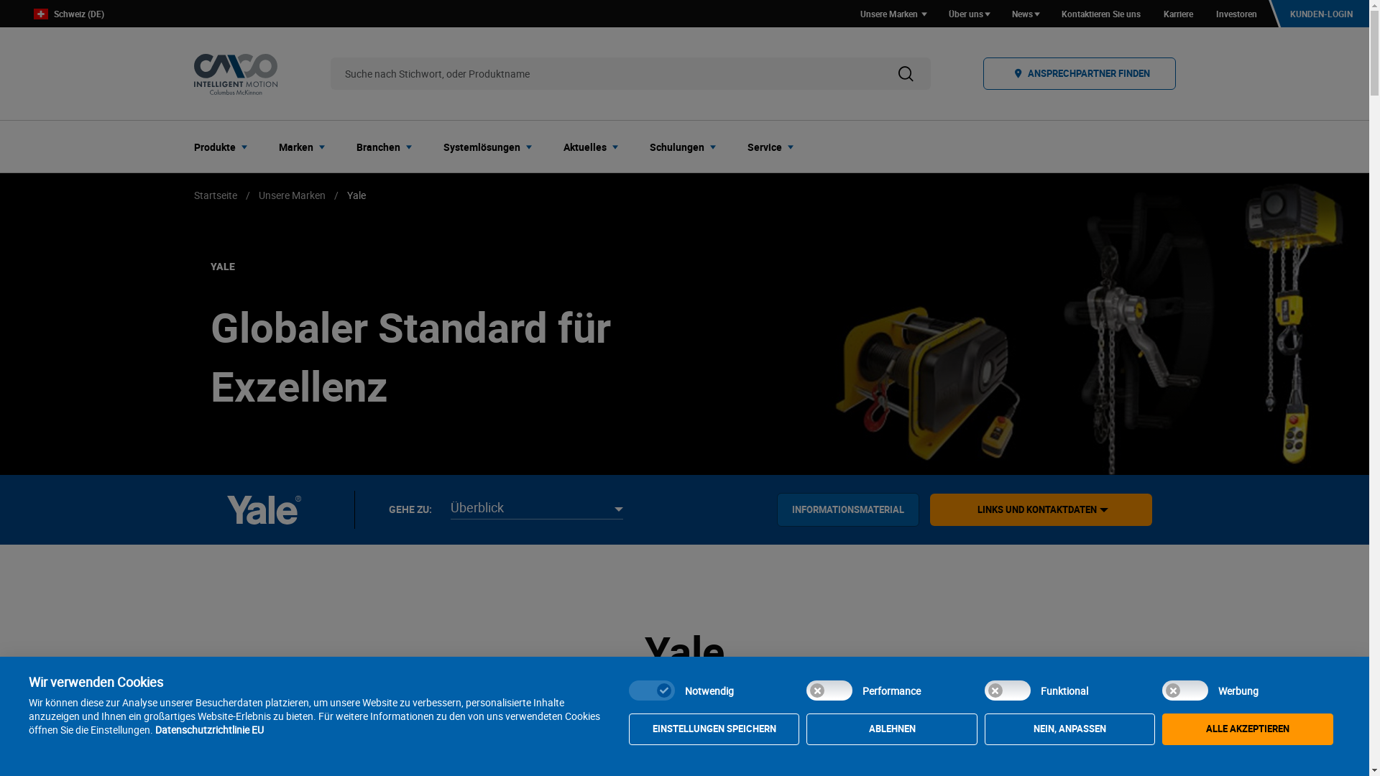 Image resolution: width=1380 pixels, height=776 pixels. Describe the element at coordinates (305, 147) in the screenshot. I see `'Marken'` at that location.